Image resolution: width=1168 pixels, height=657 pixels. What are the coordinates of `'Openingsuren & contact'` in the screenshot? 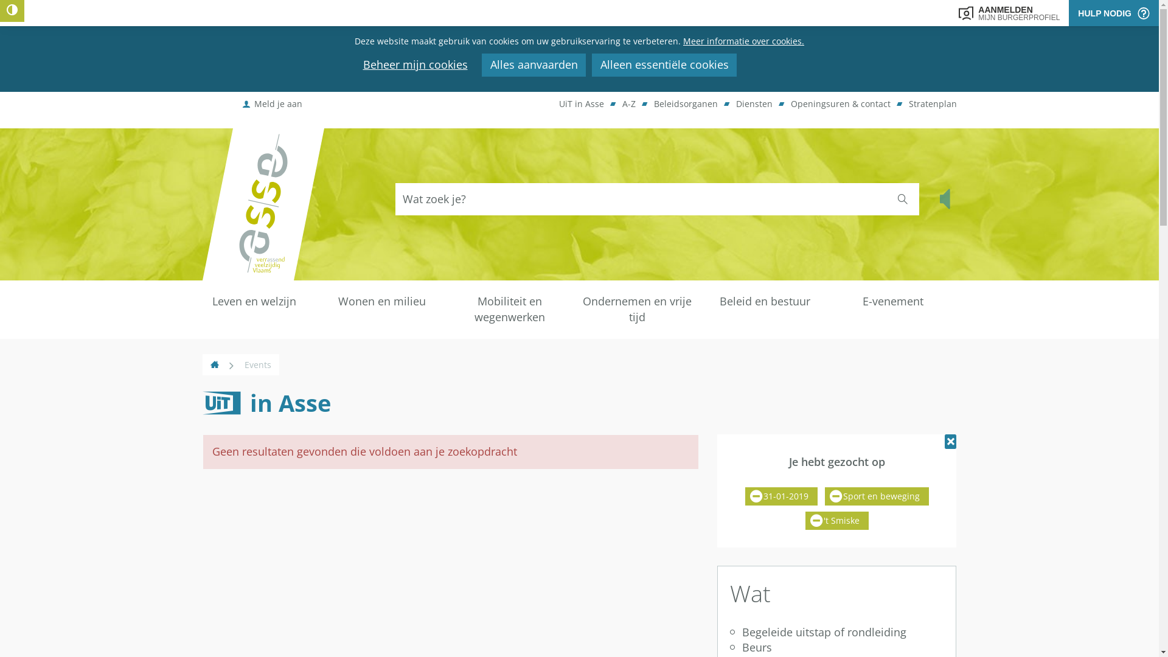 It's located at (840, 103).